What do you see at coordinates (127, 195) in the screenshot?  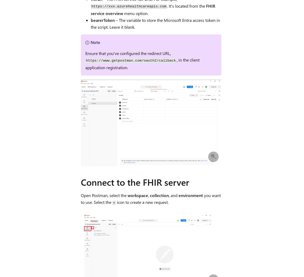 I see `'workspace'` at bounding box center [127, 195].